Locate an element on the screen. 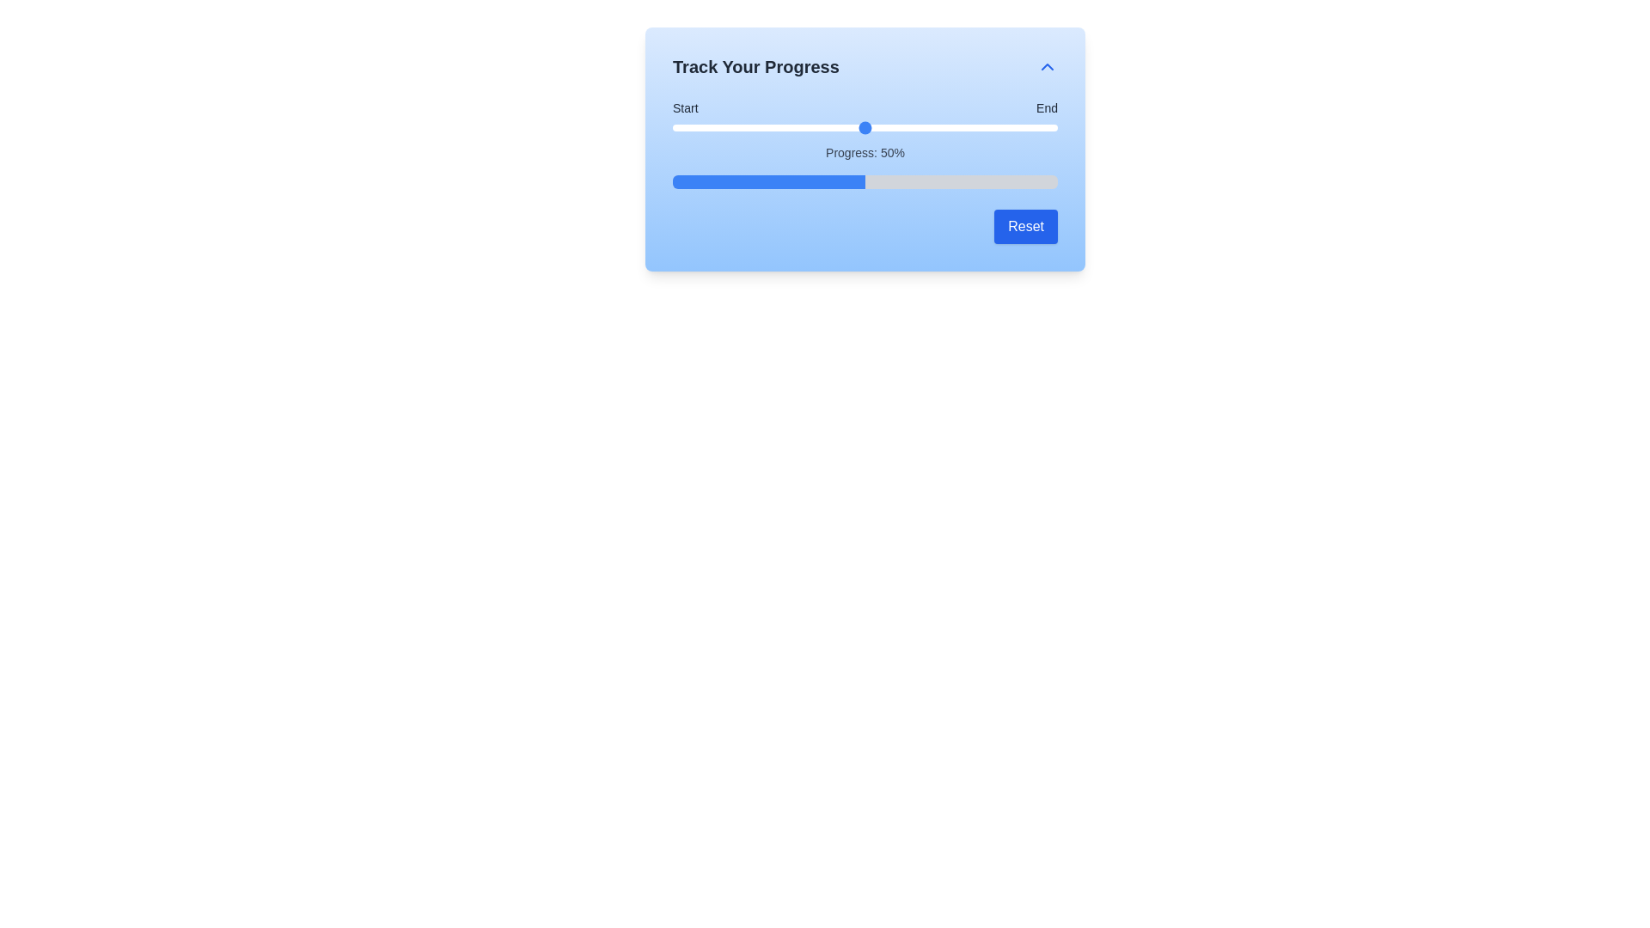 This screenshot has height=928, width=1650. the progress slider to 1% is located at coordinates (675, 127).